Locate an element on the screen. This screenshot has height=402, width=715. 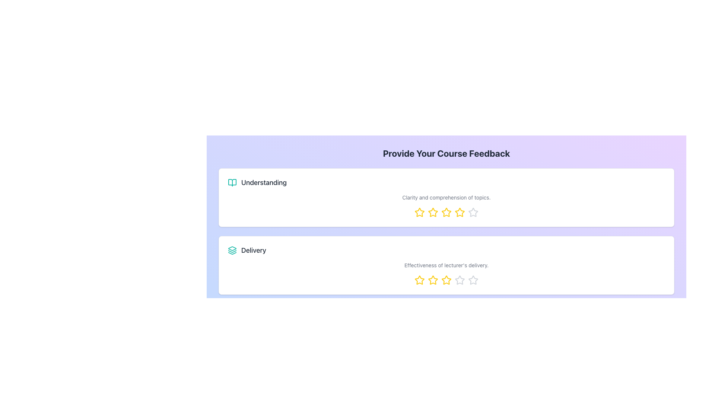
the third star button from the left in the row of five stars for rating under the 'Understanding' section is located at coordinates (433, 212).